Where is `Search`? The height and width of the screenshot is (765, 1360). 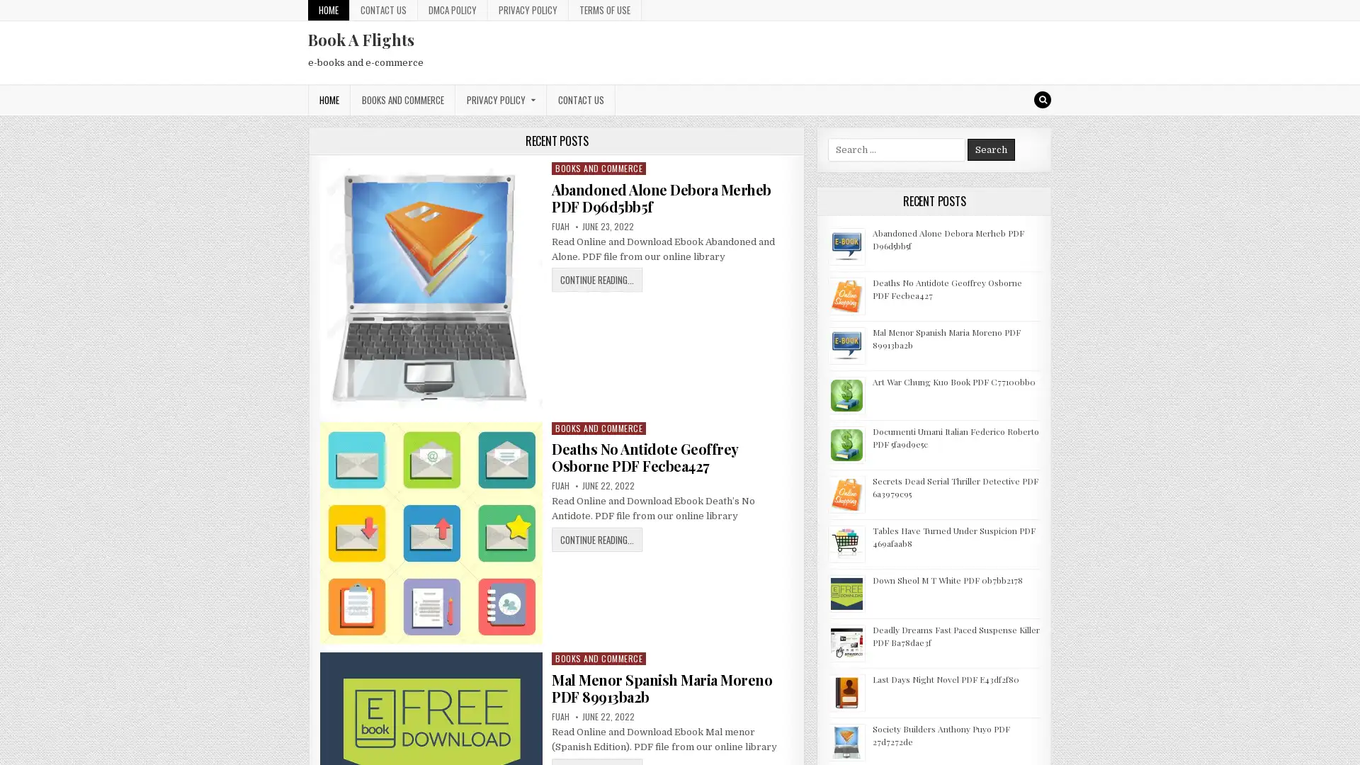 Search is located at coordinates (990, 149).